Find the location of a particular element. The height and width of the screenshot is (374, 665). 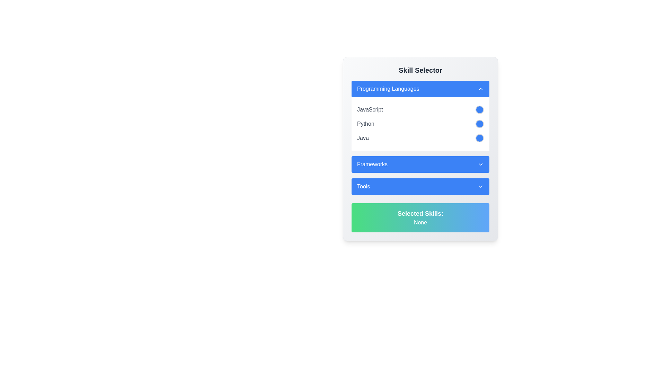

the 'Python' skill item in the 'Programming Languages' section of the 'Skill Selector' widget is located at coordinates (420, 123).